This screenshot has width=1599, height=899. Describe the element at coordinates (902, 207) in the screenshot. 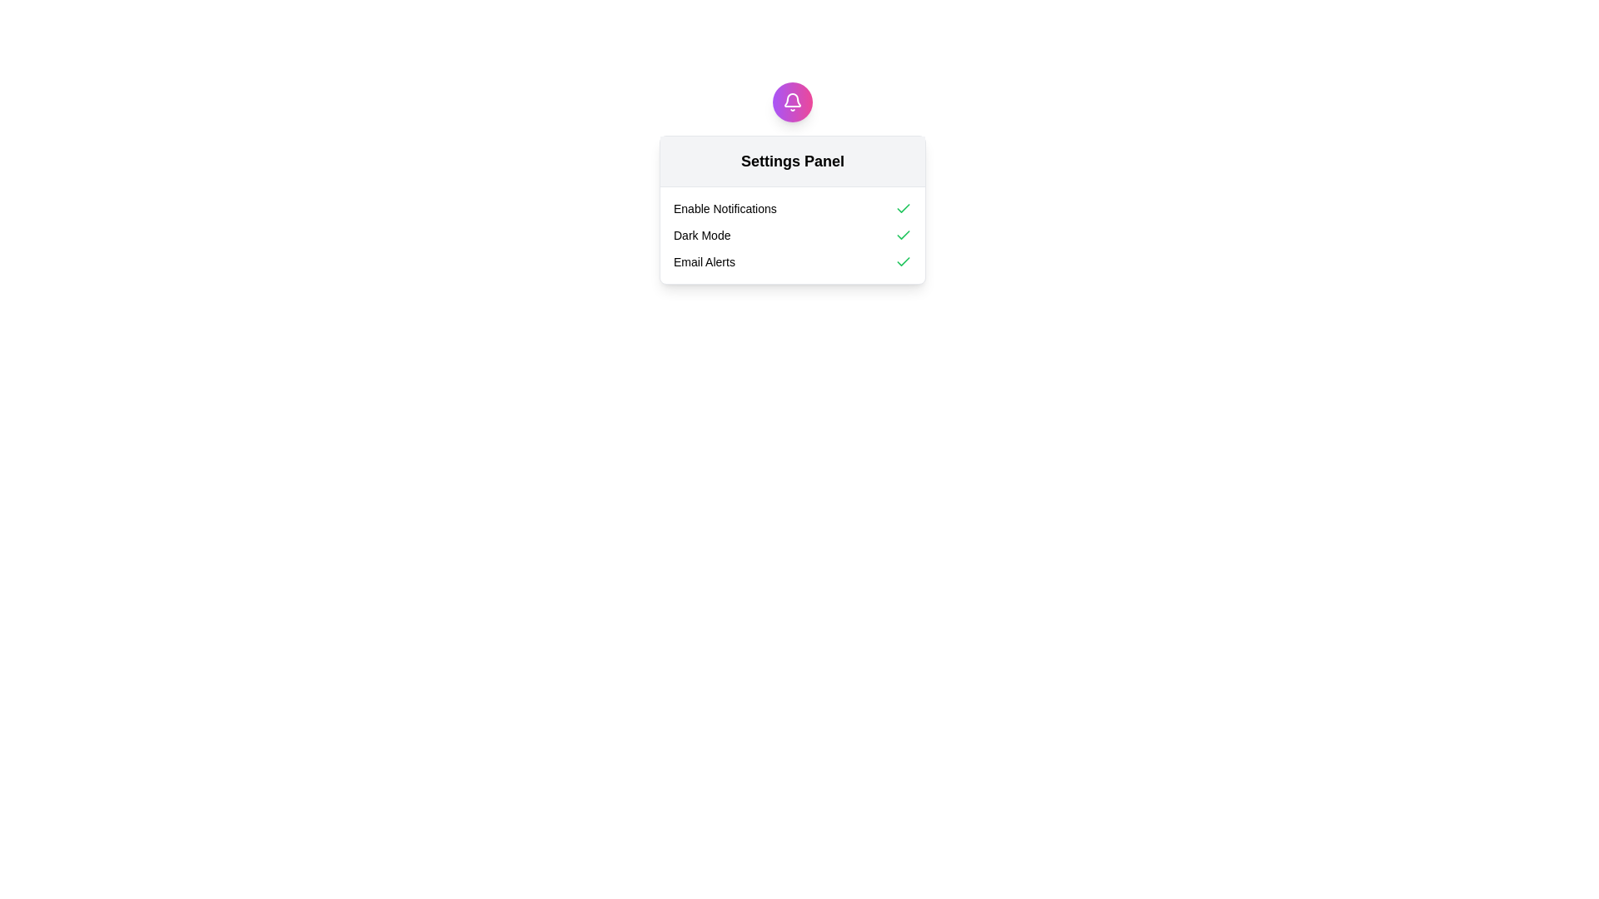

I see `the status indicator icon for the 'Enable Notifications' setting` at that location.